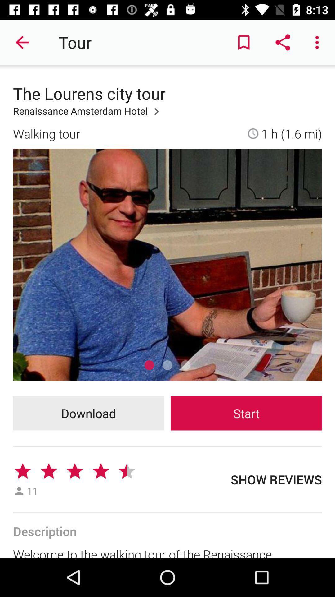  Describe the element at coordinates (319, 42) in the screenshot. I see `top most right button` at that location.